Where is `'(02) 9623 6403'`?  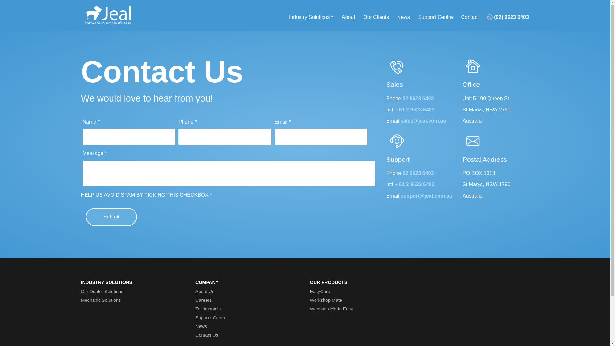 '(02) 9623 6403' is located at coordinates (507, 17).